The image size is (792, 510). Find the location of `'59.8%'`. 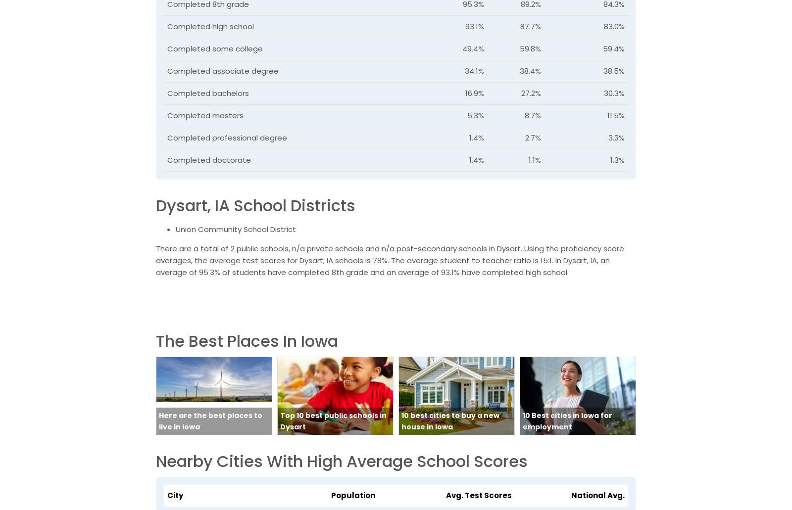

'59.8%' is located at coordinates (530, 48).